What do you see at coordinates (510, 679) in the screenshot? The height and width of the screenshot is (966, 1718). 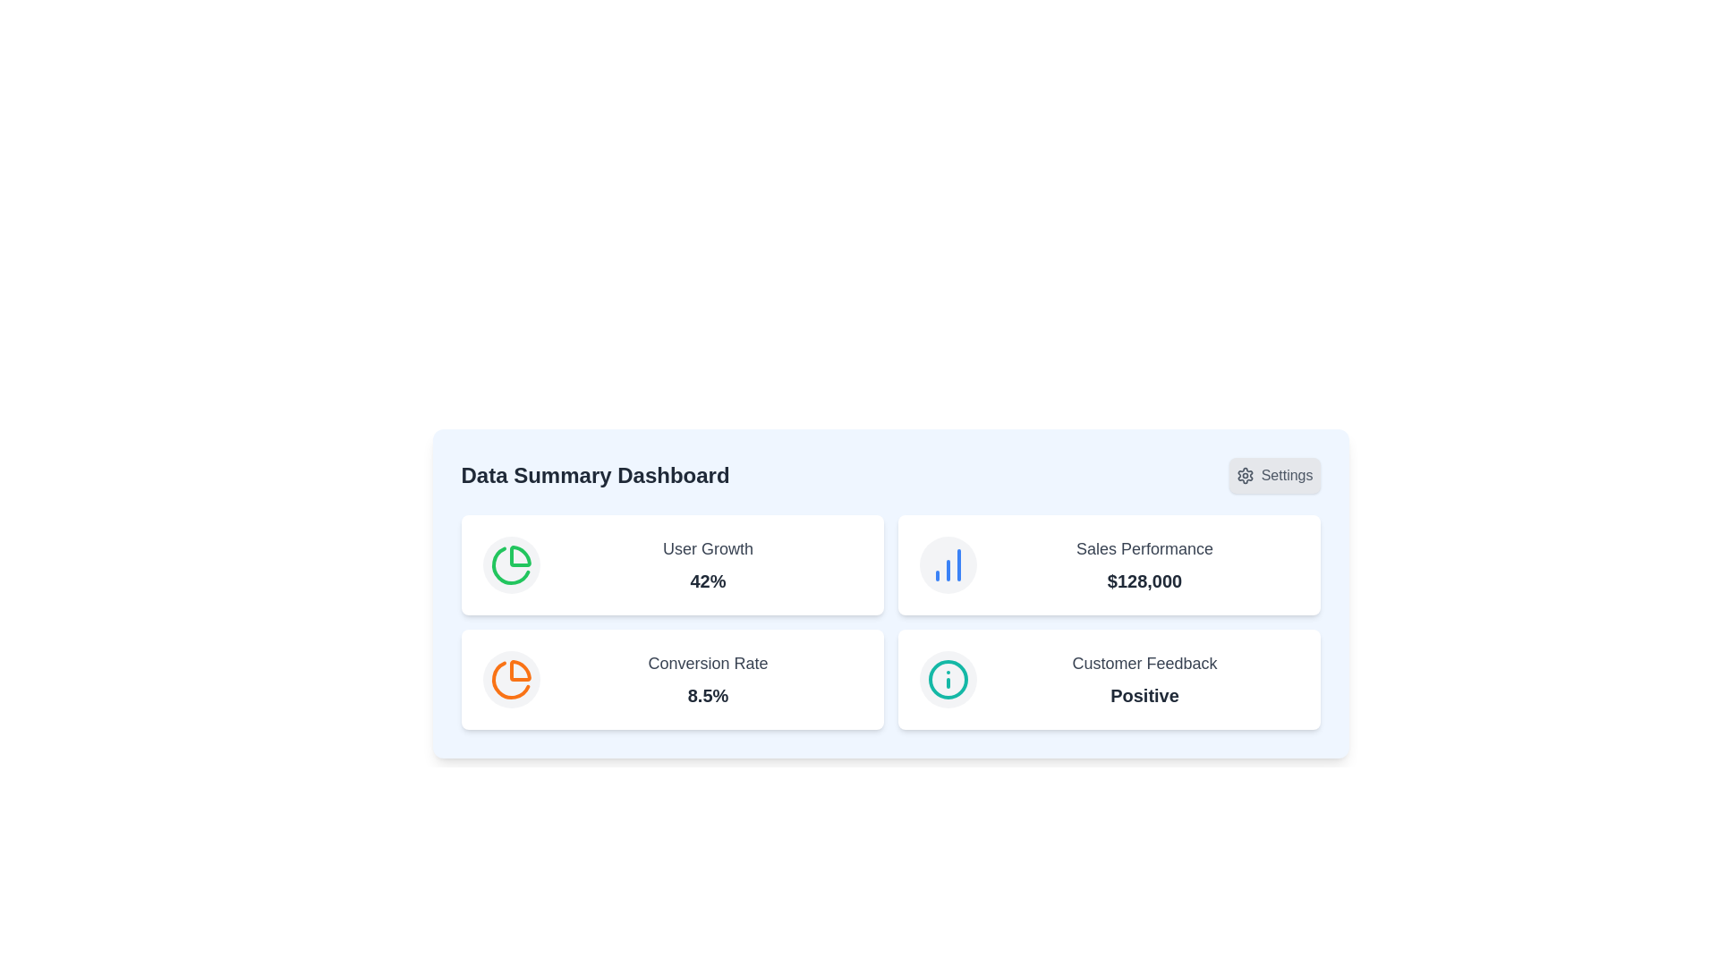 I see `associated label 'Conversion Rate' for the orange pie chart icon located in the bottom-left card of the dashboard layout` at bounding box center [510, 679].